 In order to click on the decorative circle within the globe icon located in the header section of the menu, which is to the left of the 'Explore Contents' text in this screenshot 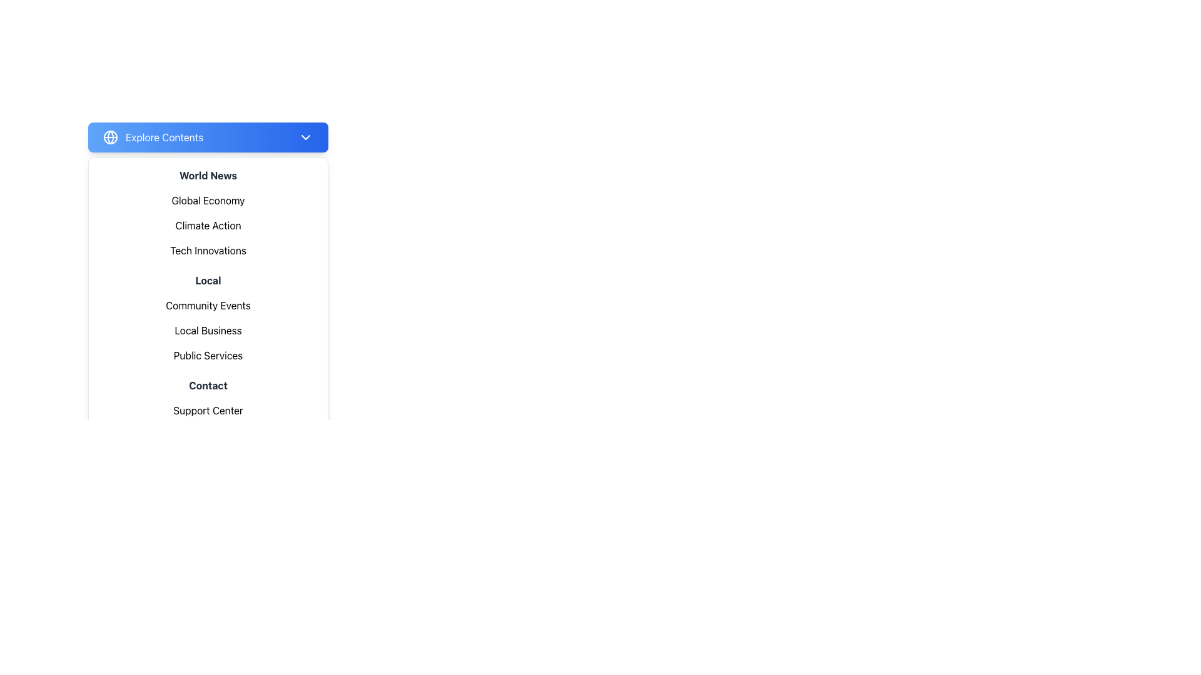, I will do `click(111, 137)`.